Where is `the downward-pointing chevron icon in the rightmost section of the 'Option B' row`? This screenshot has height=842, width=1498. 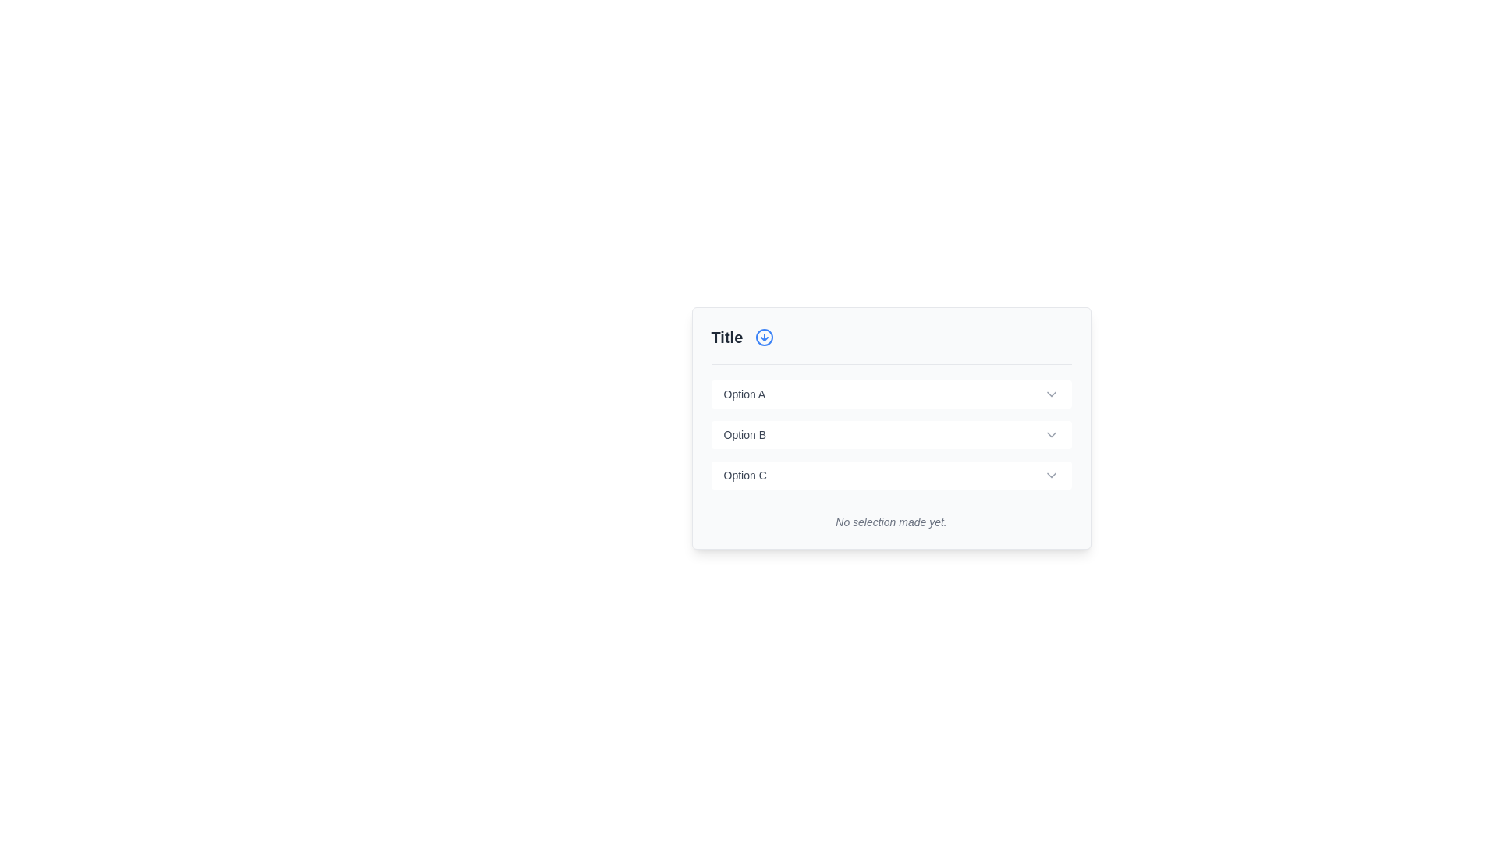
the downward-pointing chevron icon in the rightmost section of the 'Option B' row is located at coordinates (1051, 435).